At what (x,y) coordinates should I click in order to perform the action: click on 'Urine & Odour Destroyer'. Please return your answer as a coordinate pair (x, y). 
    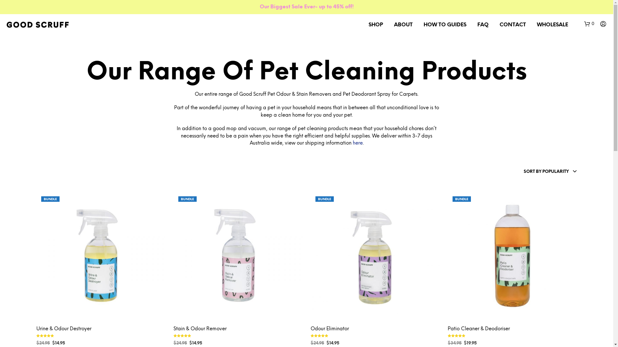
    Looking at the image, I should click on (63, 329).